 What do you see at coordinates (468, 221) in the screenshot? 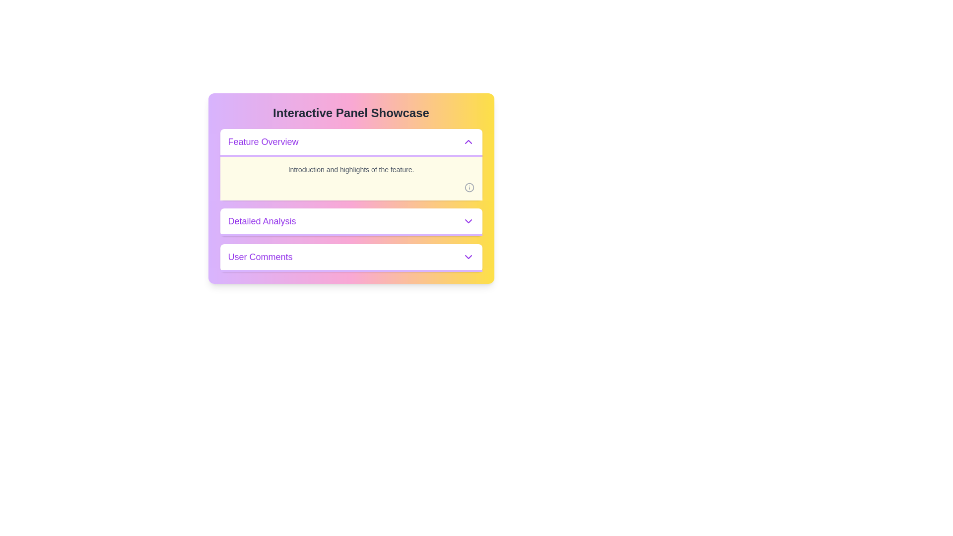
I see `the downward-facing purple chevron icon adjacent to the 'Detailed Analysis' text` at bounding box center [468, 221].